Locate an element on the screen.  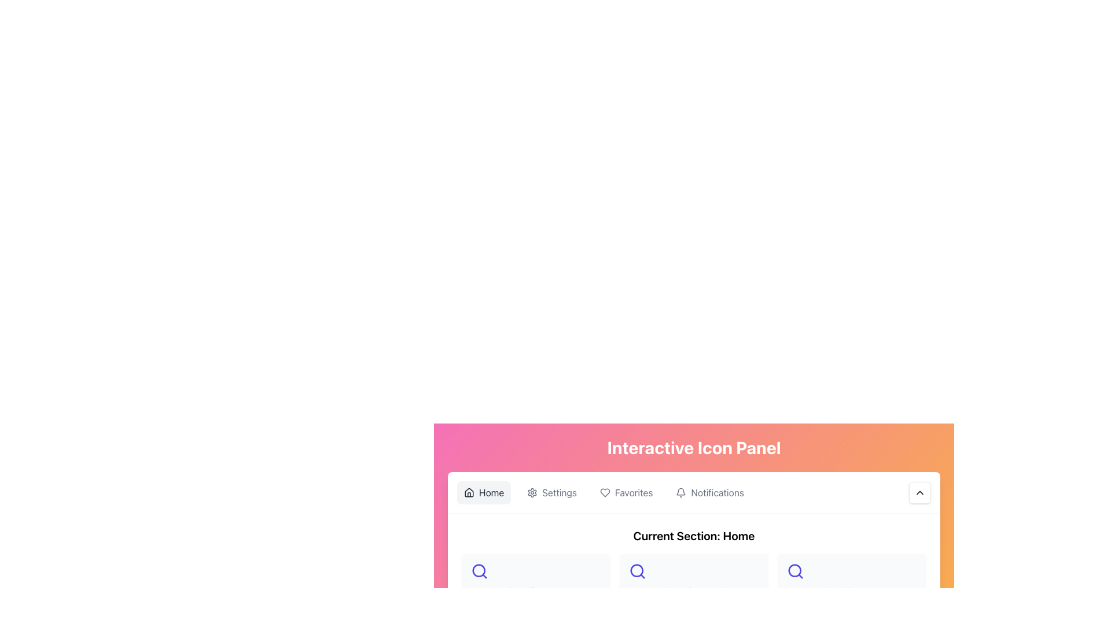
the central circular detail of the magnifying glass icon, which is visually a smooth, round outline filled with the interface's background color is located at coordinates (479, 570).